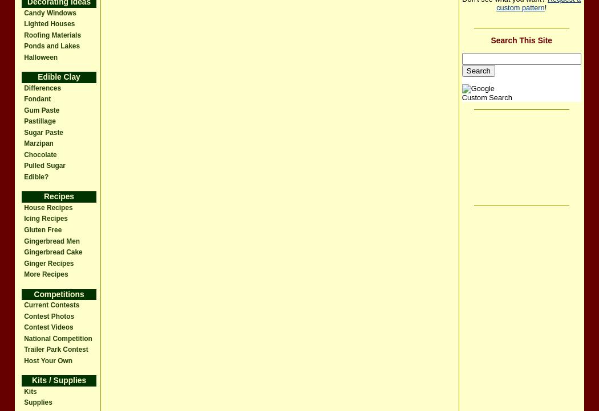 This screenshot has height=411, width=599. What do you see at coordinates (49, 24) in the screenshot?
I see `'Lighted Houses'` at bounding box center [49, 24].